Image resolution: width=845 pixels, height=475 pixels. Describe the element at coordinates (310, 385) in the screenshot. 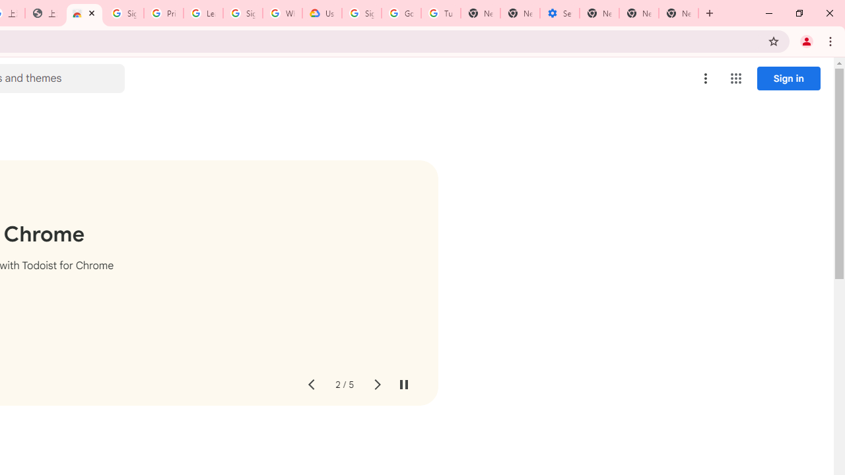

I see `'Previous slide'` at that location.